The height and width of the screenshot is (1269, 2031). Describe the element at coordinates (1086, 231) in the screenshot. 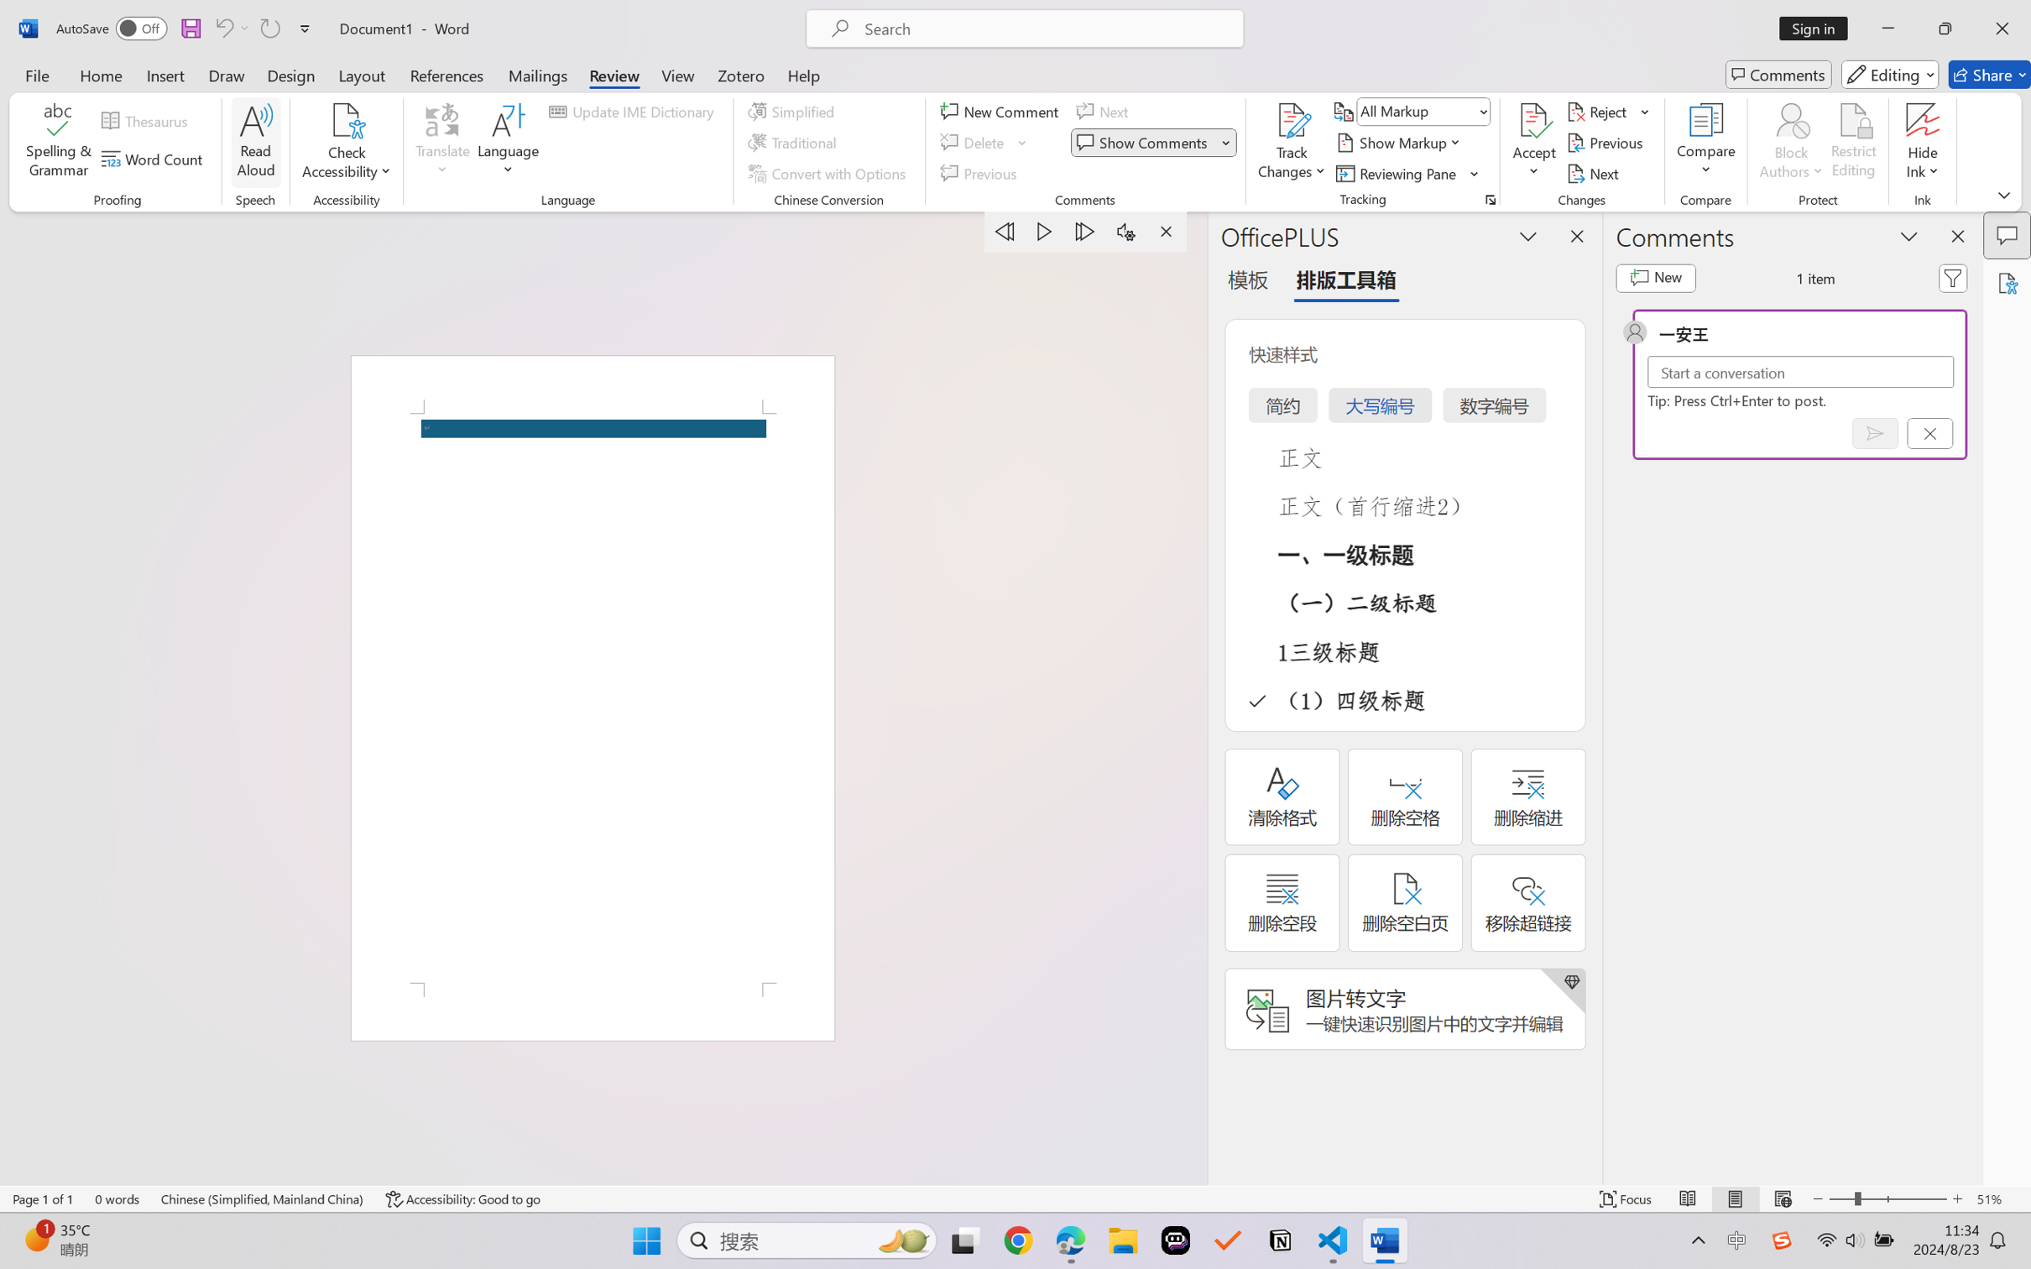

I see `'Next Paragraph'` at that location.